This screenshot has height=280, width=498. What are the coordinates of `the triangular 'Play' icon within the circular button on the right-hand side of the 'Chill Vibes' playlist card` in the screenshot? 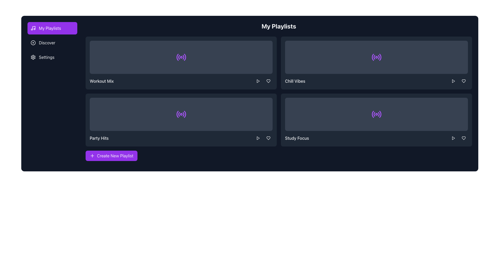 It's located at (453, 81).